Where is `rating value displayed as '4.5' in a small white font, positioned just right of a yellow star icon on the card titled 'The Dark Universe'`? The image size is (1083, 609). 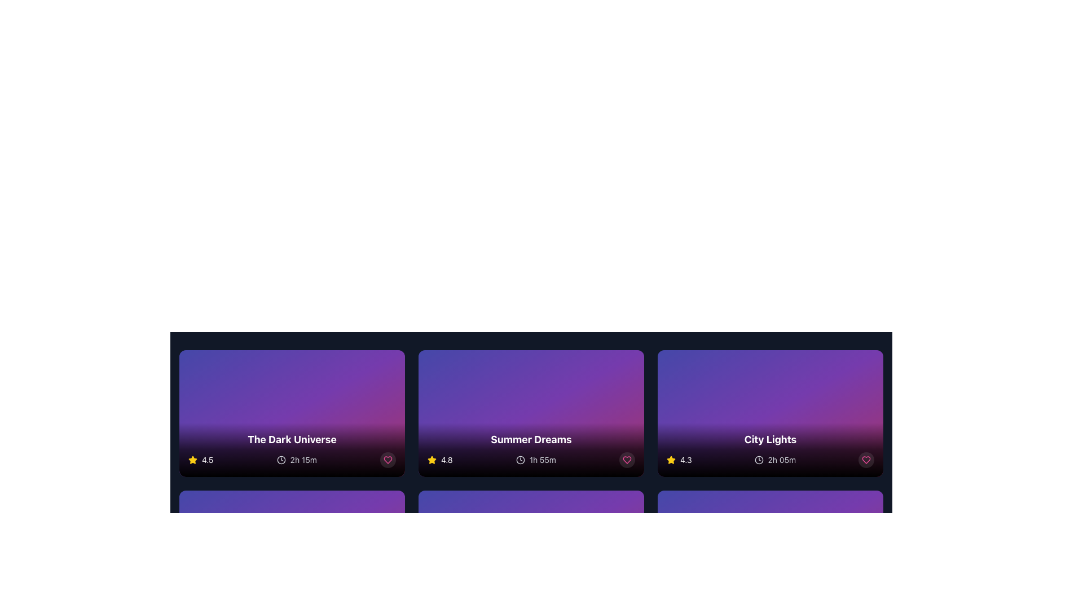 rating value displayed as '4.5' in a small white font, positioned just right of a yellow star icon on the card titled 'The Dark Universe' is located at coordinates (208, 460).